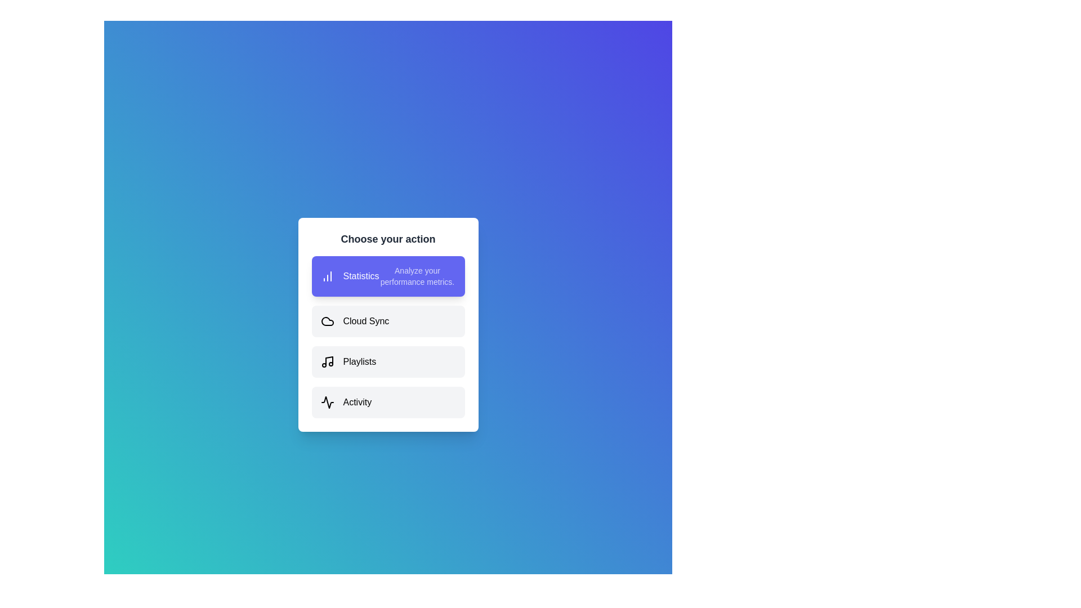  Describe the element at coordinates (388, 321) in the screenshot. I see `the option Cloud Sync to preview its description` at that location.